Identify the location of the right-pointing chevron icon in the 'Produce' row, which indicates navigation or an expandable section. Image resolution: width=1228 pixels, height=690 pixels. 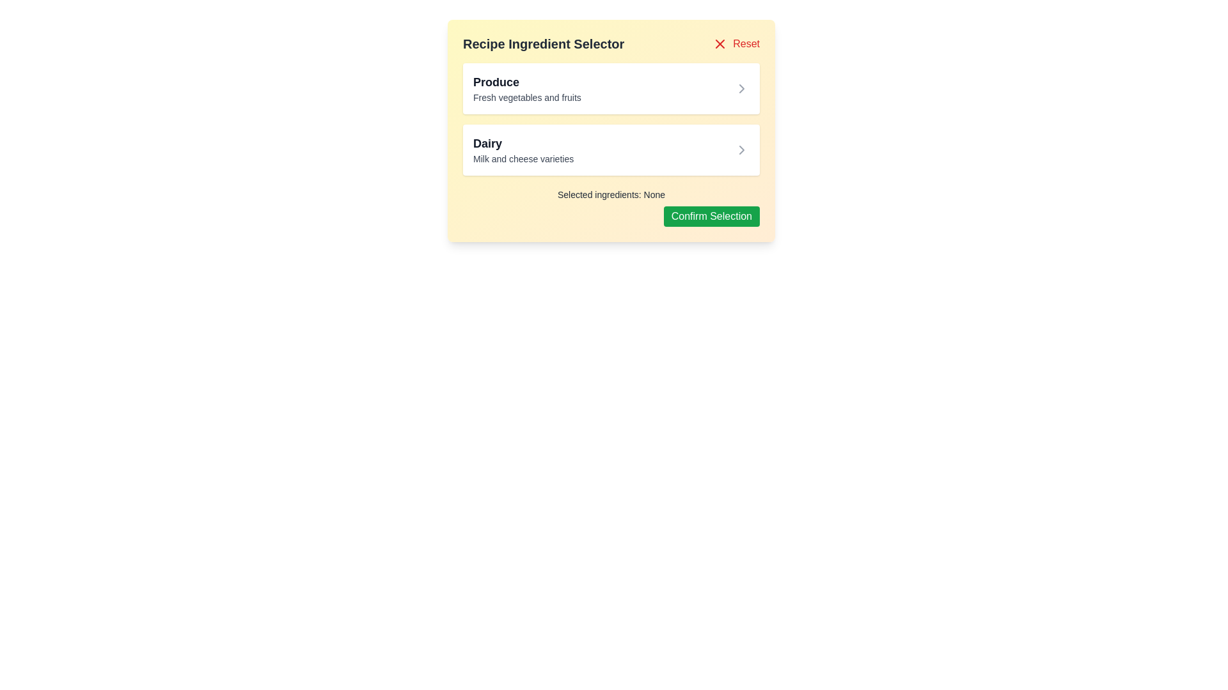
(742, 88).